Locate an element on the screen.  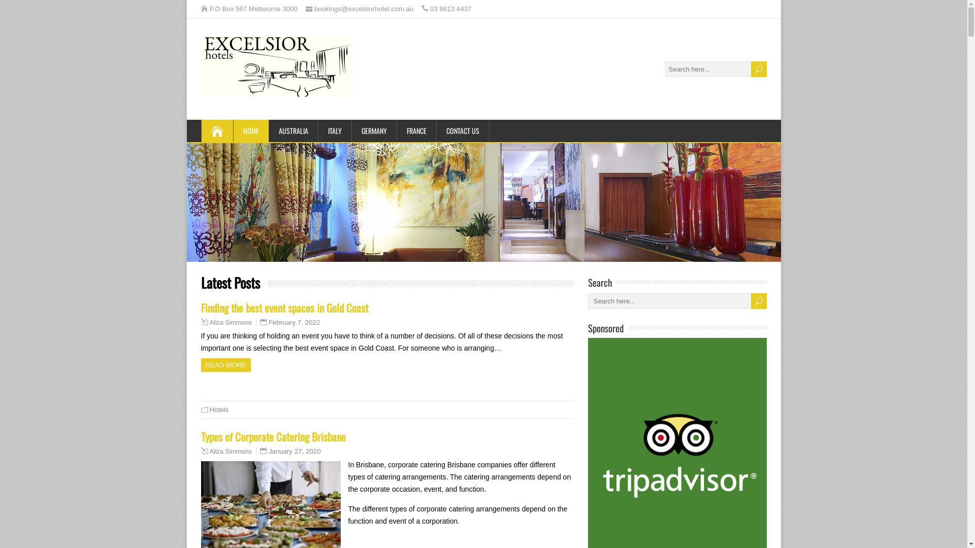
'GERMANY' is located at coordinates (351, 130).